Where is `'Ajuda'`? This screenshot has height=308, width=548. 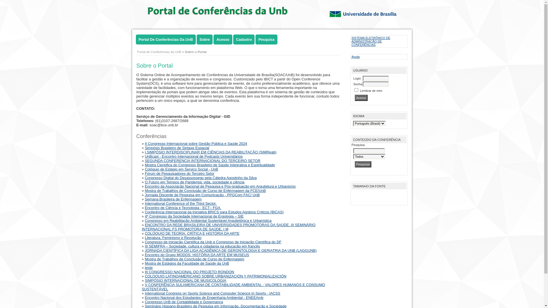
'Ajuda' is located at coordinates (355, 57).